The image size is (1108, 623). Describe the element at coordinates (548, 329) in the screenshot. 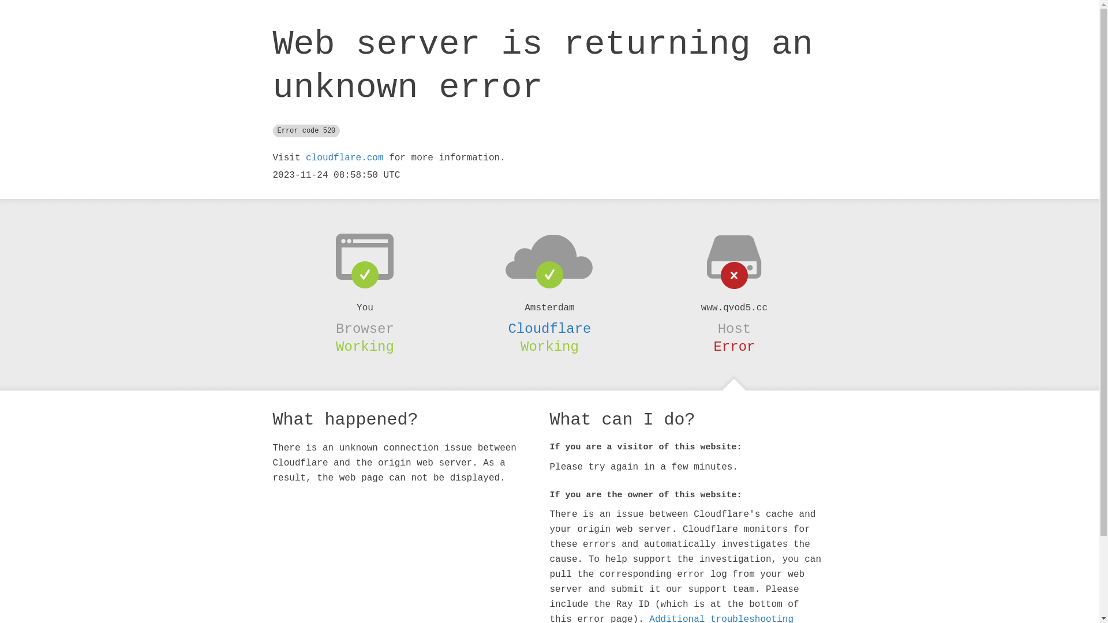

I see `'Cloudflare'` at that location.